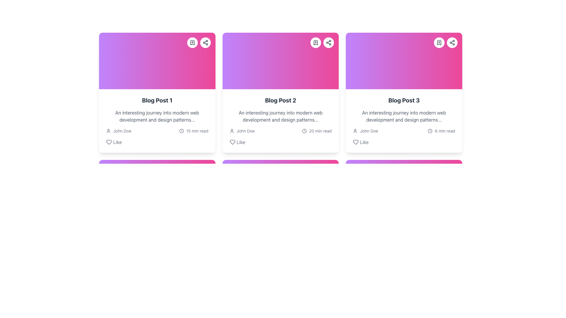 This screenshot has width=566, height=318. Describe the element at coordinates (439, 42) in the screenshot. I see `the 'Add to bookmarks' button icon located in the top-right corner control group of 'Blog Post 3'` at that location.